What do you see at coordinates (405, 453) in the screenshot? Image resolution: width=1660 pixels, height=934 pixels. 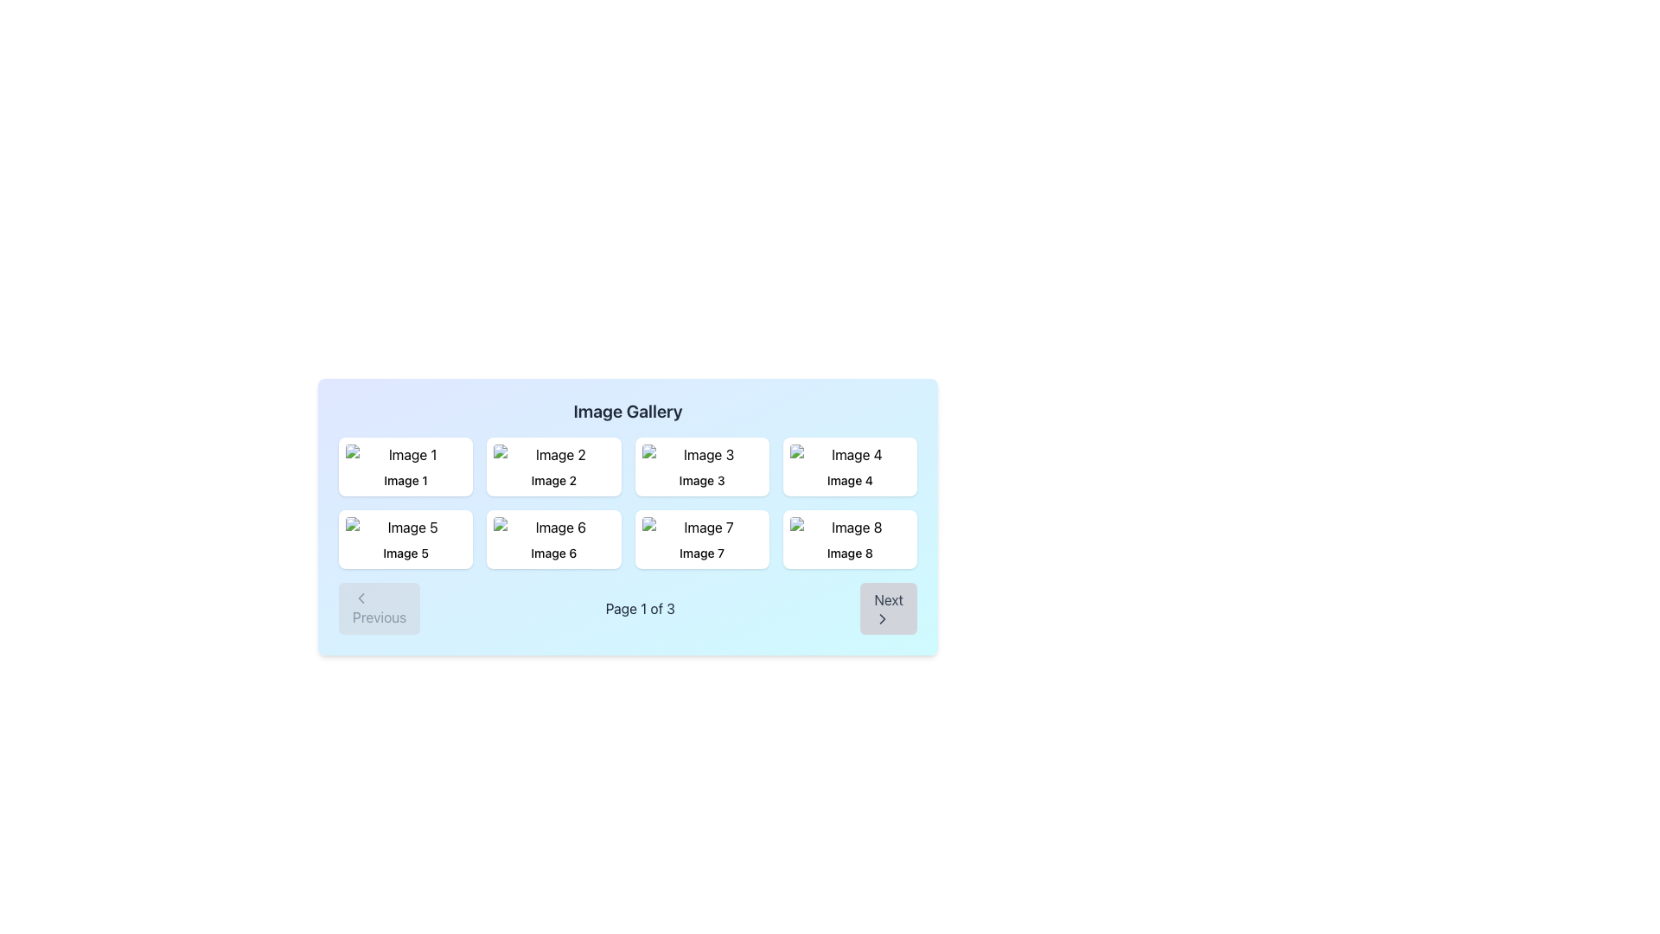 I see `the image placeholder displaying 'Image 1' which is part of a card layout in the first row of the image gallery` at bounding box center [405, 453].